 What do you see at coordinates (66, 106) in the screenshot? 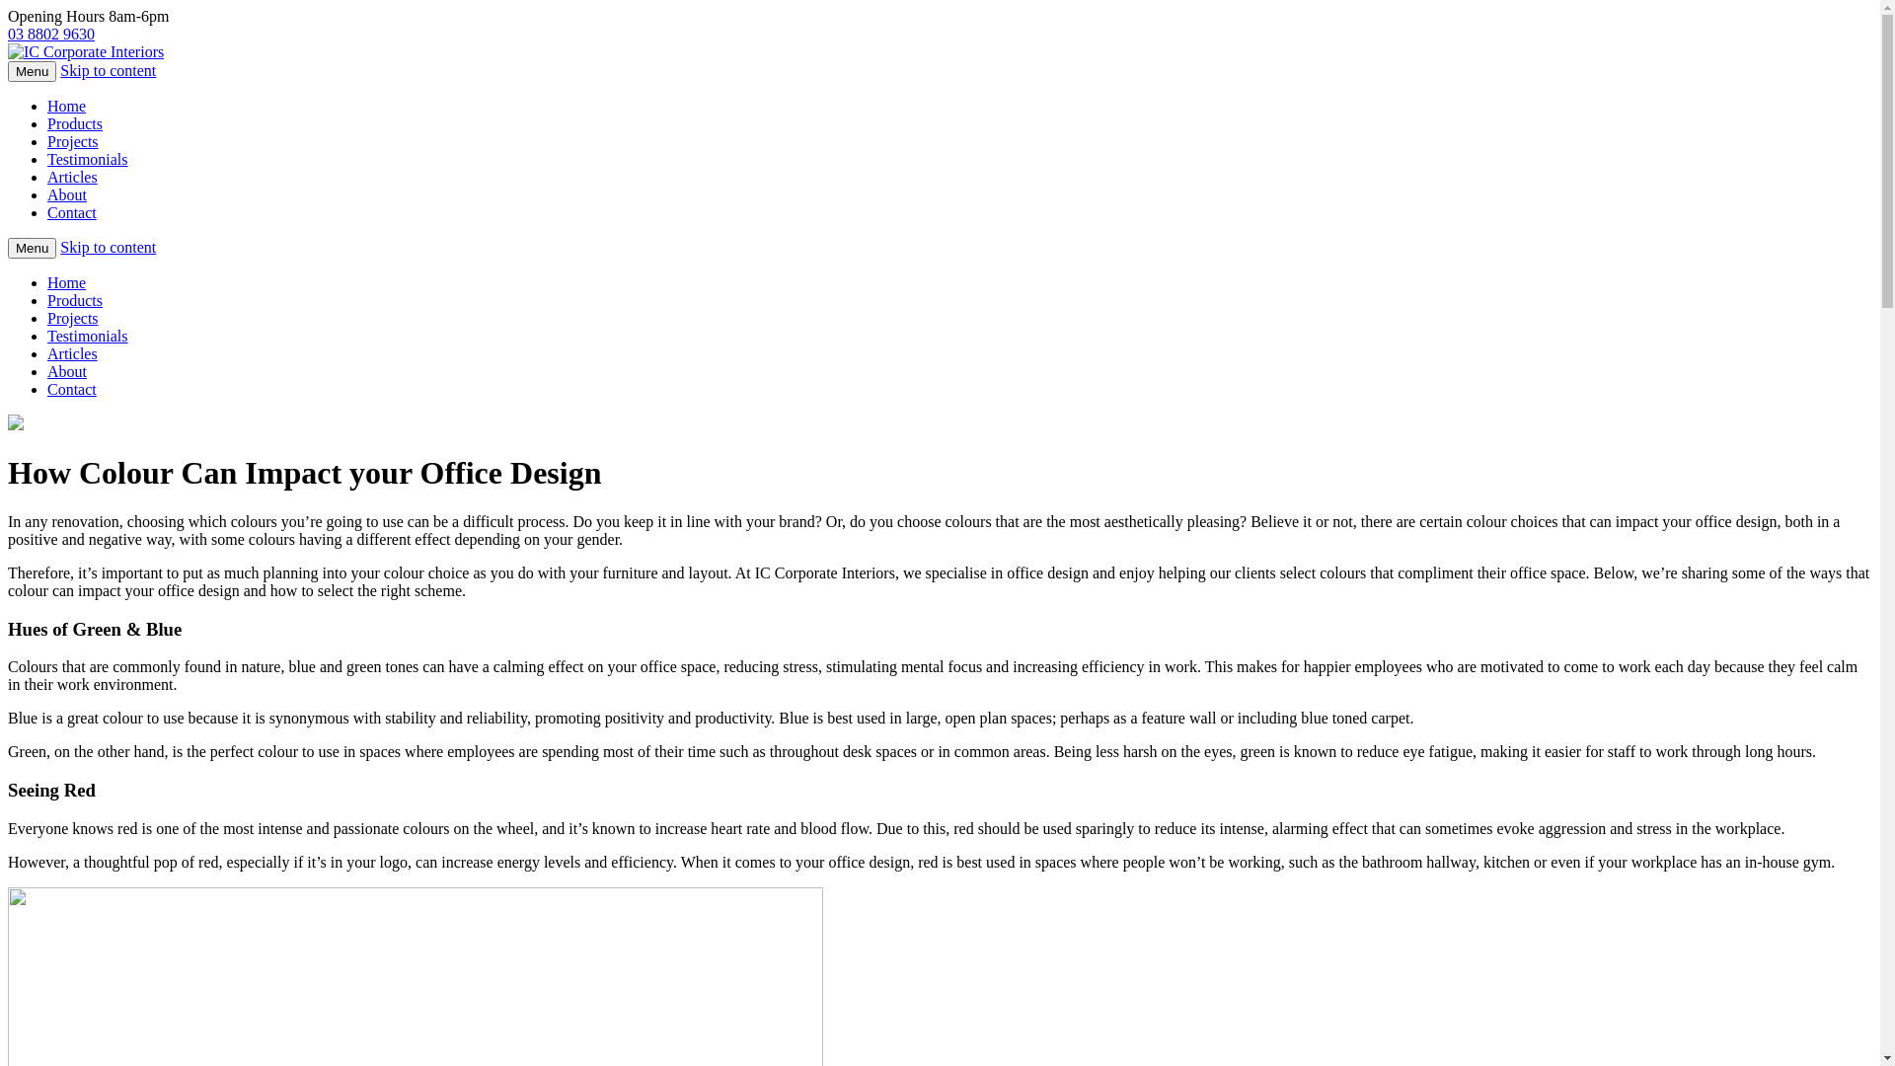
I see `'Home'` at bounding box center [66, 106].